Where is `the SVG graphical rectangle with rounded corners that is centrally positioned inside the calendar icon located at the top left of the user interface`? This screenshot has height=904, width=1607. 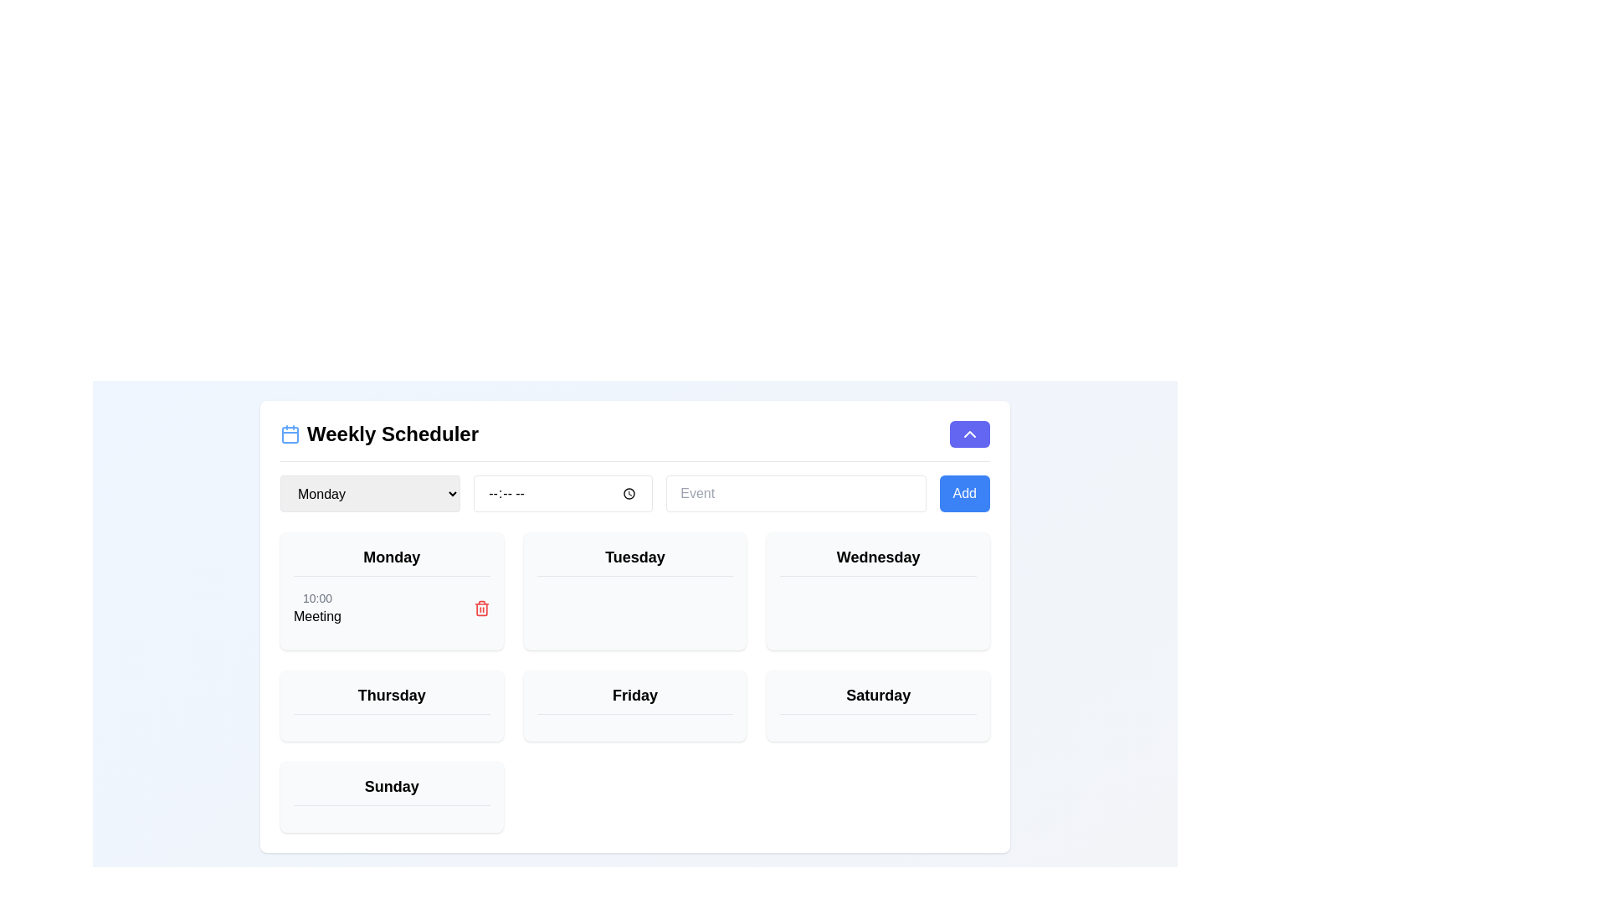 the SVG graphical rectangle with rounded corners that is centrally positioned inside the calendar icon located at the top left of the user interface is located at coordinates (290, 434).